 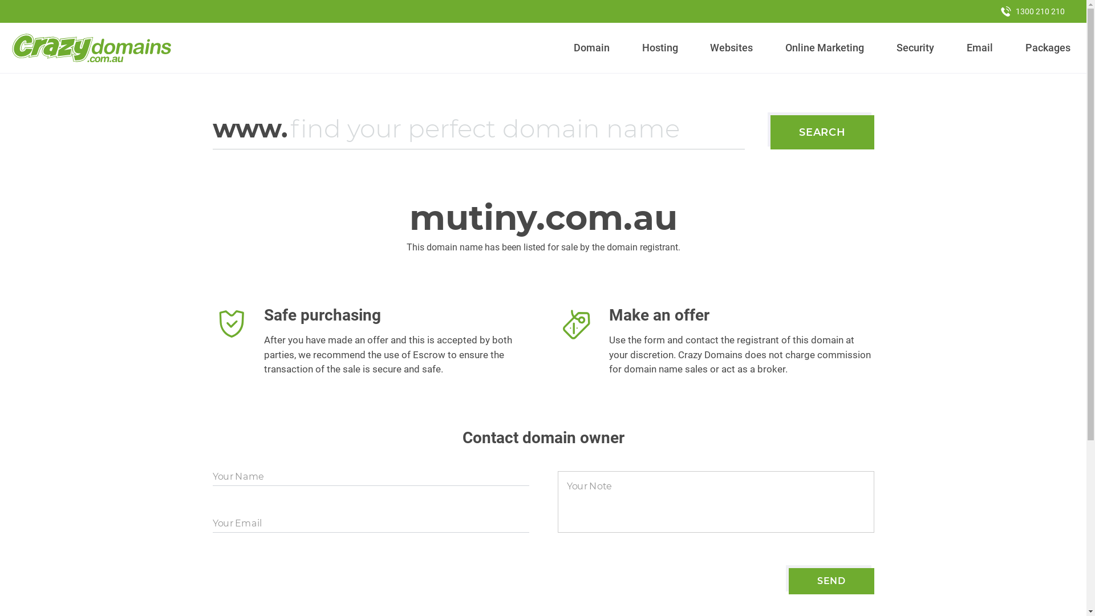 I want to click on 'SEARCH', so click(x=822, y=131).